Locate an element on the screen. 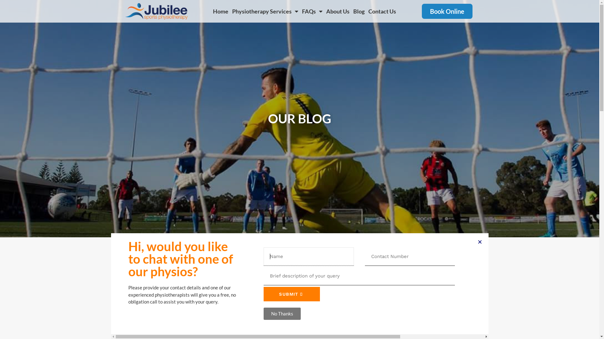  'Contact Us' is located at coordinates (382, 11).